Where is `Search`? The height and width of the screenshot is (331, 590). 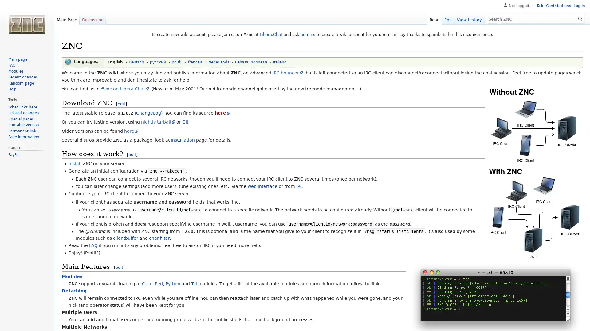 Search is located at coordinates (580, 18).